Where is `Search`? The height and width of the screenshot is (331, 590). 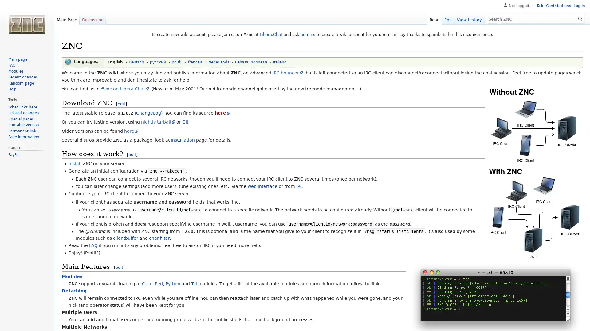 Search is located at coordinates (580, 18).